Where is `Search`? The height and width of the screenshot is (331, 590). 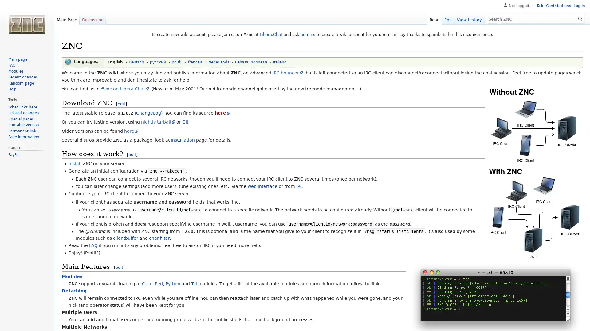 Search is located at coordinates (580, 18).